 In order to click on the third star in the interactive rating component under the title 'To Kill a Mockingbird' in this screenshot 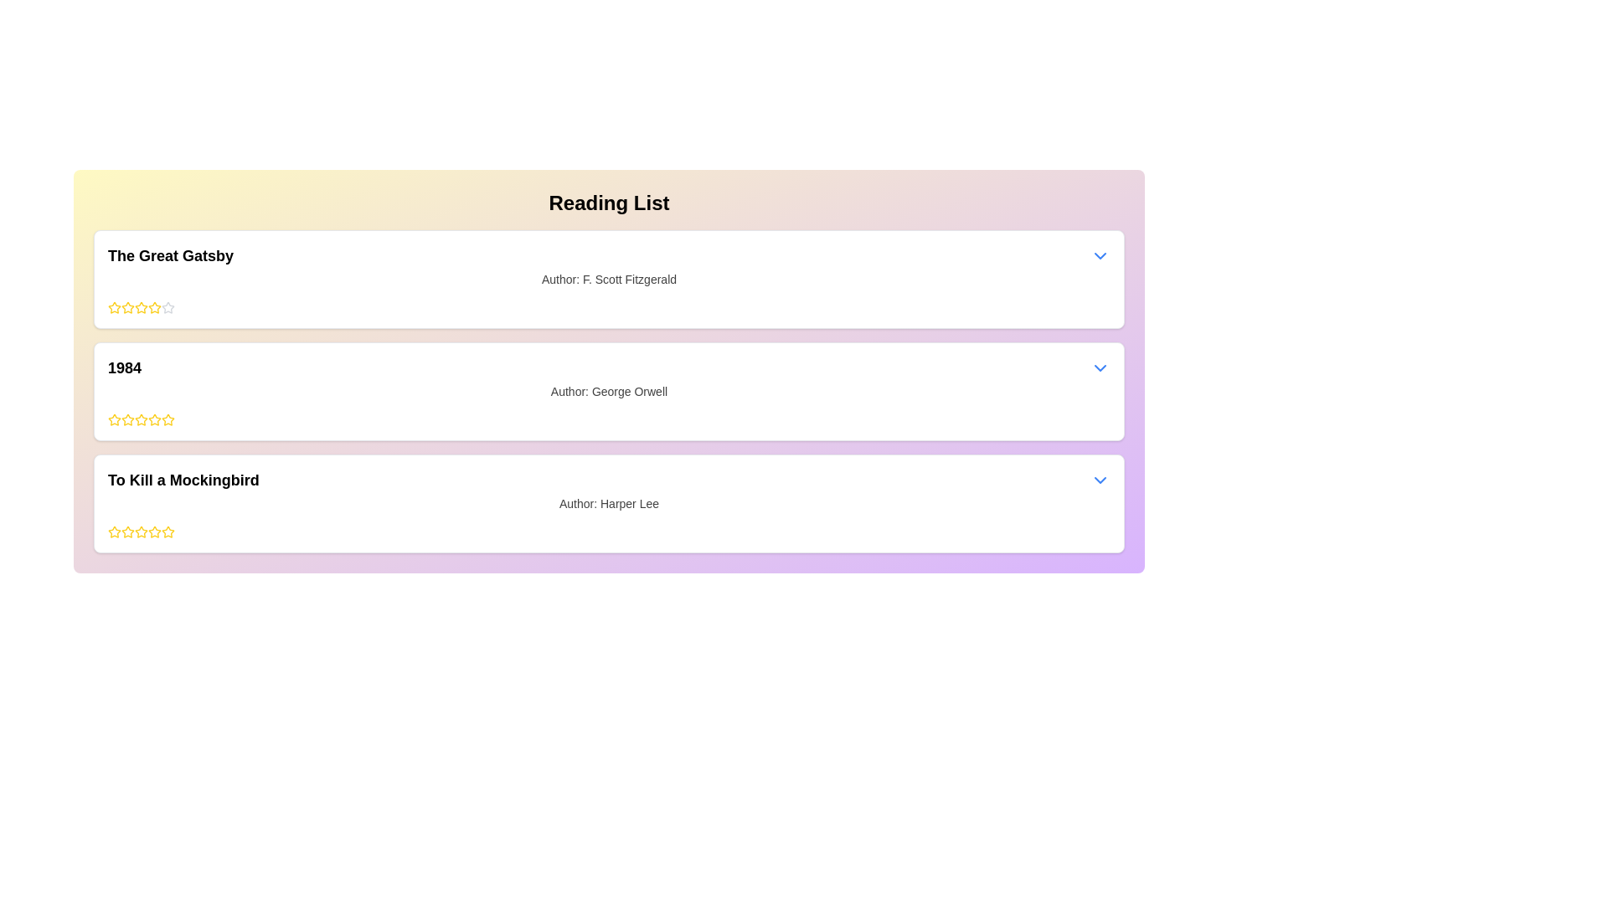, I will do `click(127, 532)`.